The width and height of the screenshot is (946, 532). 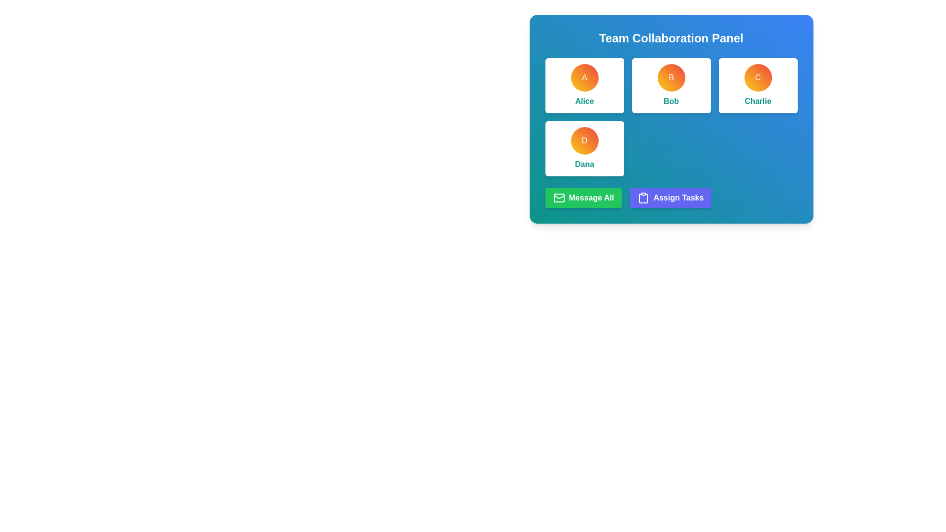 What do you see at coordinates (584, 148) in the screenshot?
I see `the Profile card featuring a circular gradient area with the letter 'D' and the name 'Dana' in teal, located in the bottom-left cell of a 2x3 grid` at bounding box center [584, 148].